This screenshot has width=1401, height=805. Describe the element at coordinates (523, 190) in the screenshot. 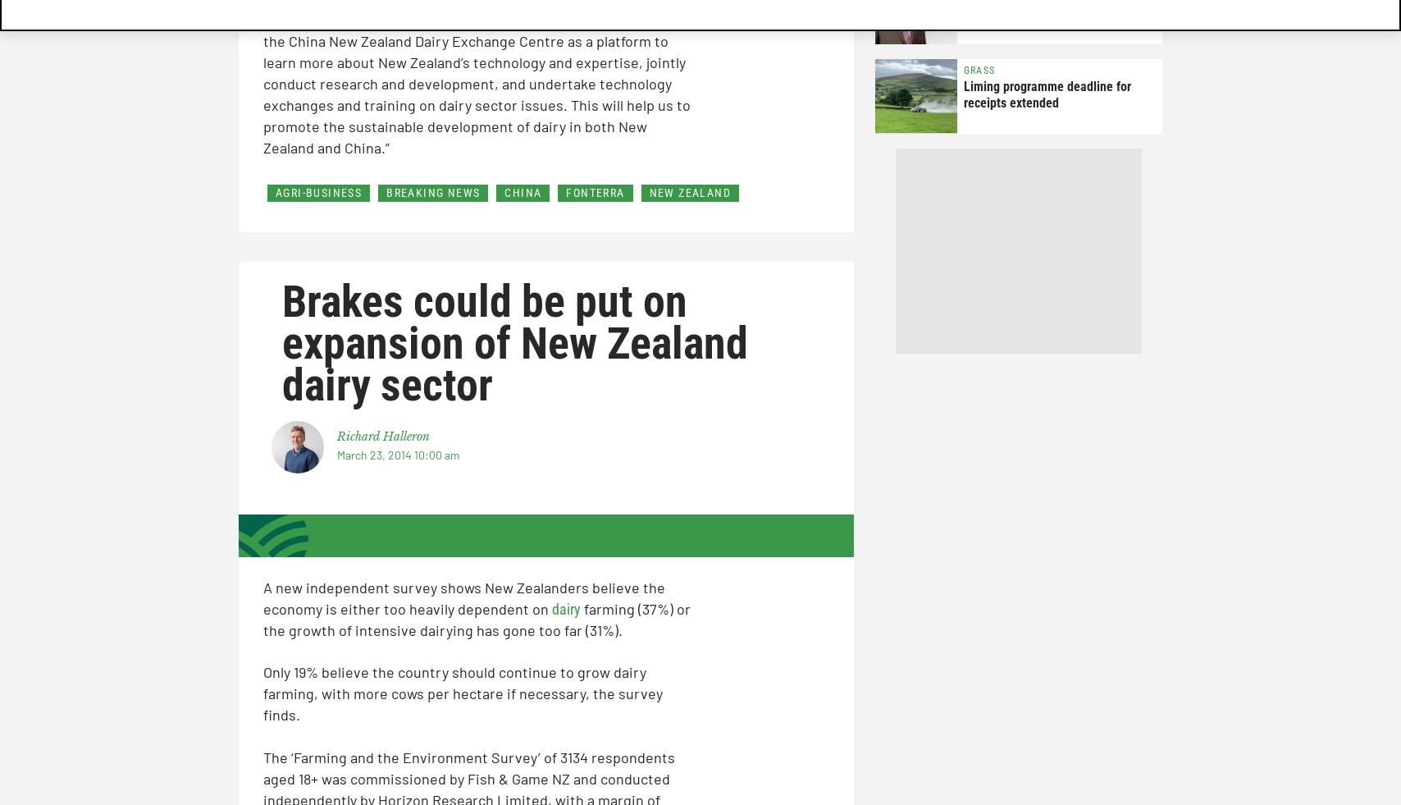

I see `'CHINA'` at that location.